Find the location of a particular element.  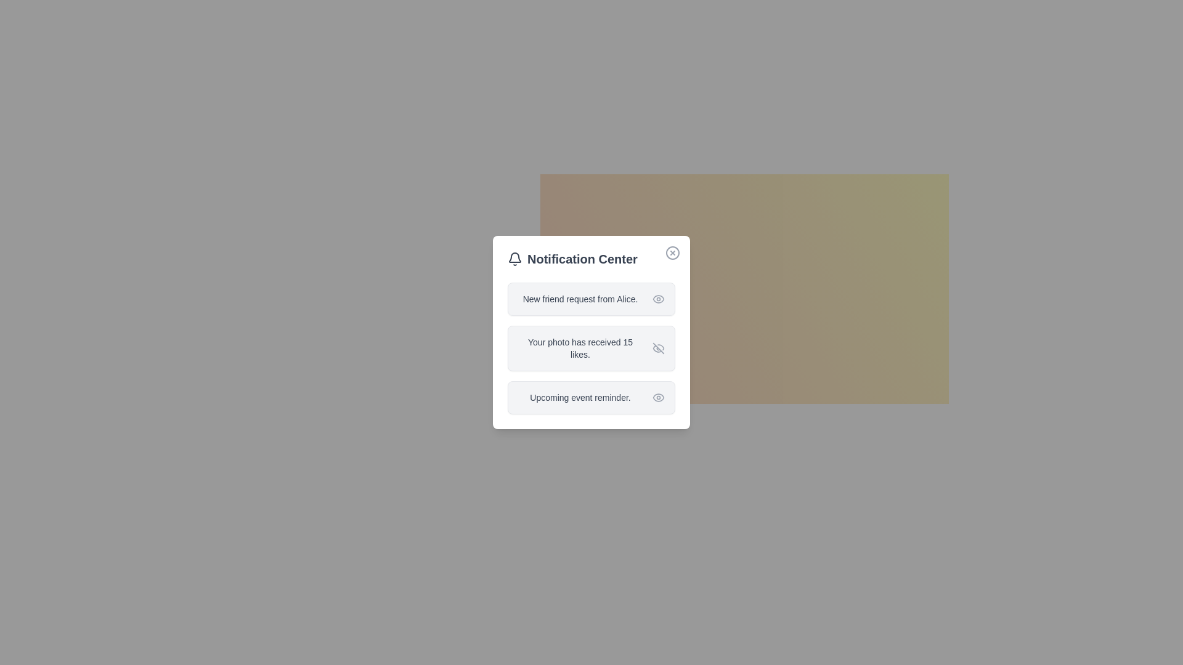

the close button located at the top-right corner of the notification card is located at coordinates (672, 252).